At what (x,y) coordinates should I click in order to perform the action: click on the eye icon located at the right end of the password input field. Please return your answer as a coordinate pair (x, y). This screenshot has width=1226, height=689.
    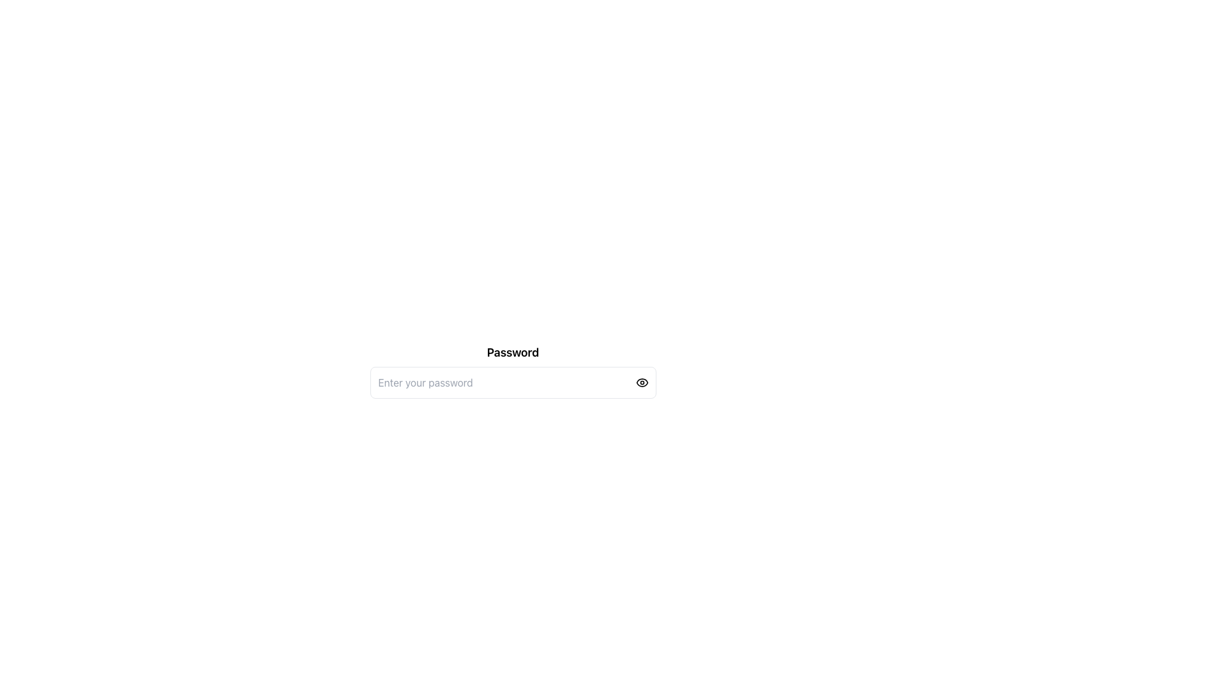
    Looking at the image, I should click on (642, 382).